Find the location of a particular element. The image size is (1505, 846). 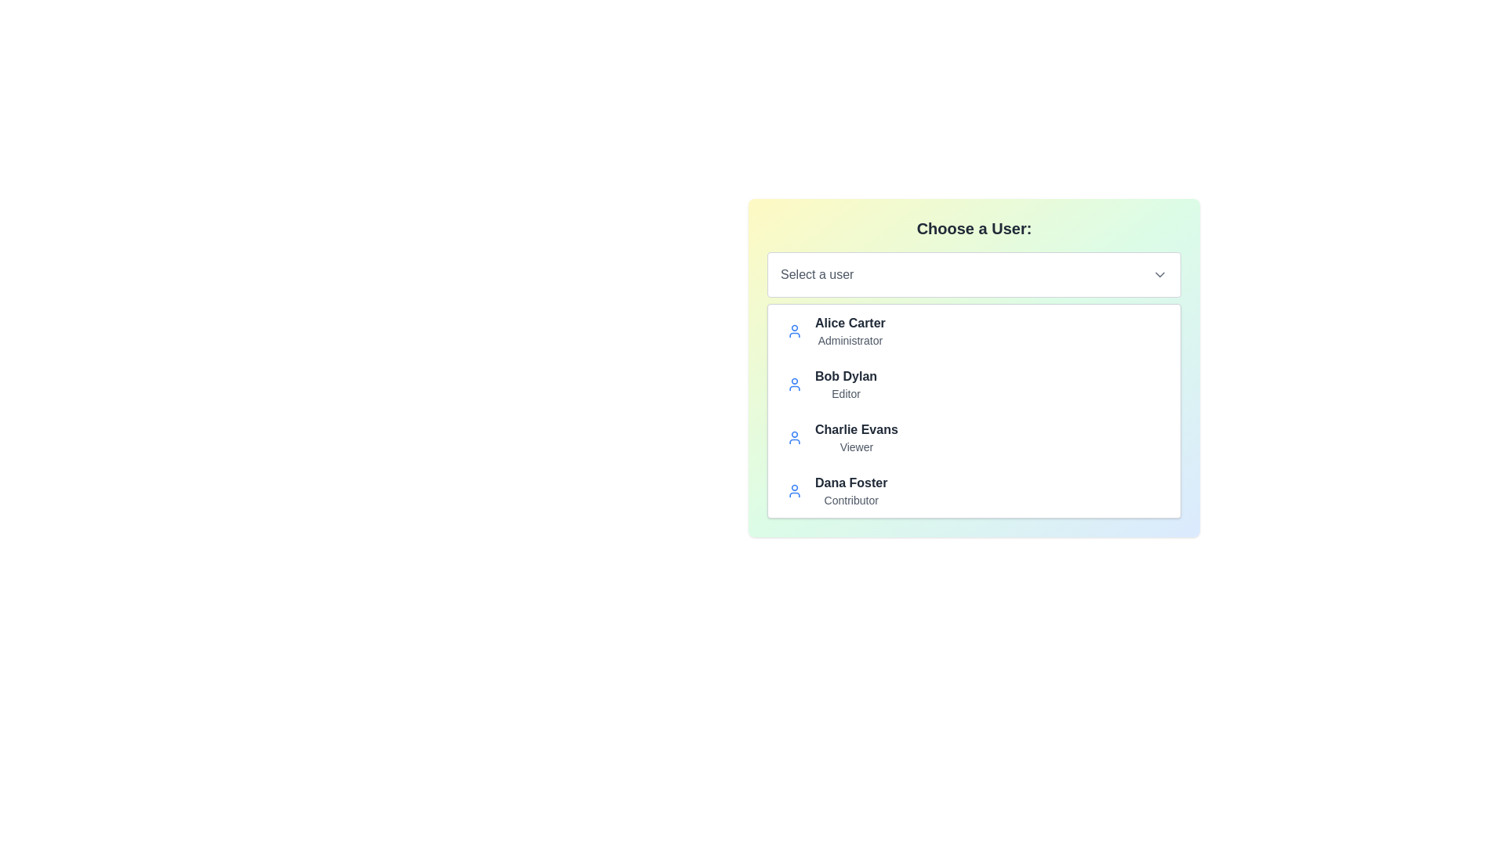

the leading icon for user 'Alice Carter' in the user selection dropdown, which is located to the left of the text 'Alice Carter' and 'Administrator.' is located at coordinates (794, 331).